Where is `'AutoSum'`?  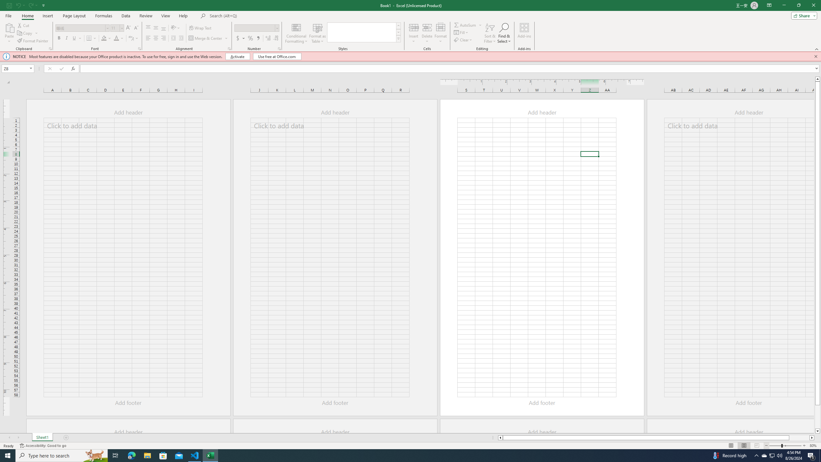
'AutoSum' is located at coordinates (468, 25).